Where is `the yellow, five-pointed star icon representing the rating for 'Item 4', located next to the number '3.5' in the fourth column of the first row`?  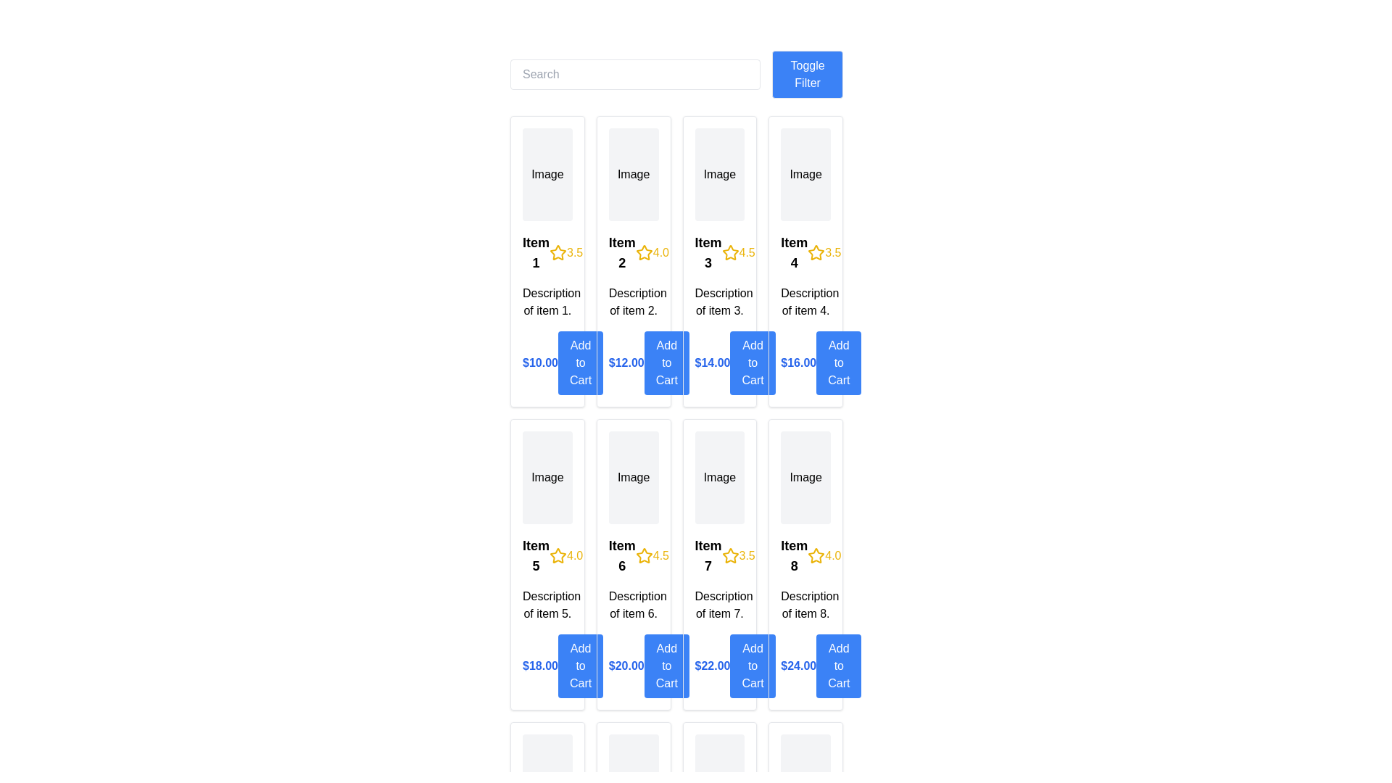
the yellow, five-pointed star icon representing the rating for 'Item 4', located next to the number '3.5' in the fourth column of the first row is located at coordinates (816, 252).